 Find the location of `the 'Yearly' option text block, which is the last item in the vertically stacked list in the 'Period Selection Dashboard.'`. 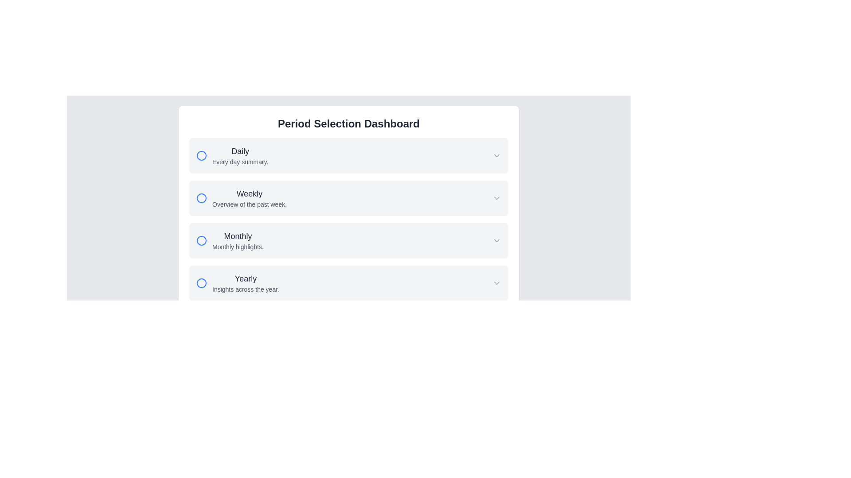

the 'Yearly' option text block, which is the last item in the vertically stacked list in the 'Period Selection Dashboard.' is located at coordinates (246, 283).